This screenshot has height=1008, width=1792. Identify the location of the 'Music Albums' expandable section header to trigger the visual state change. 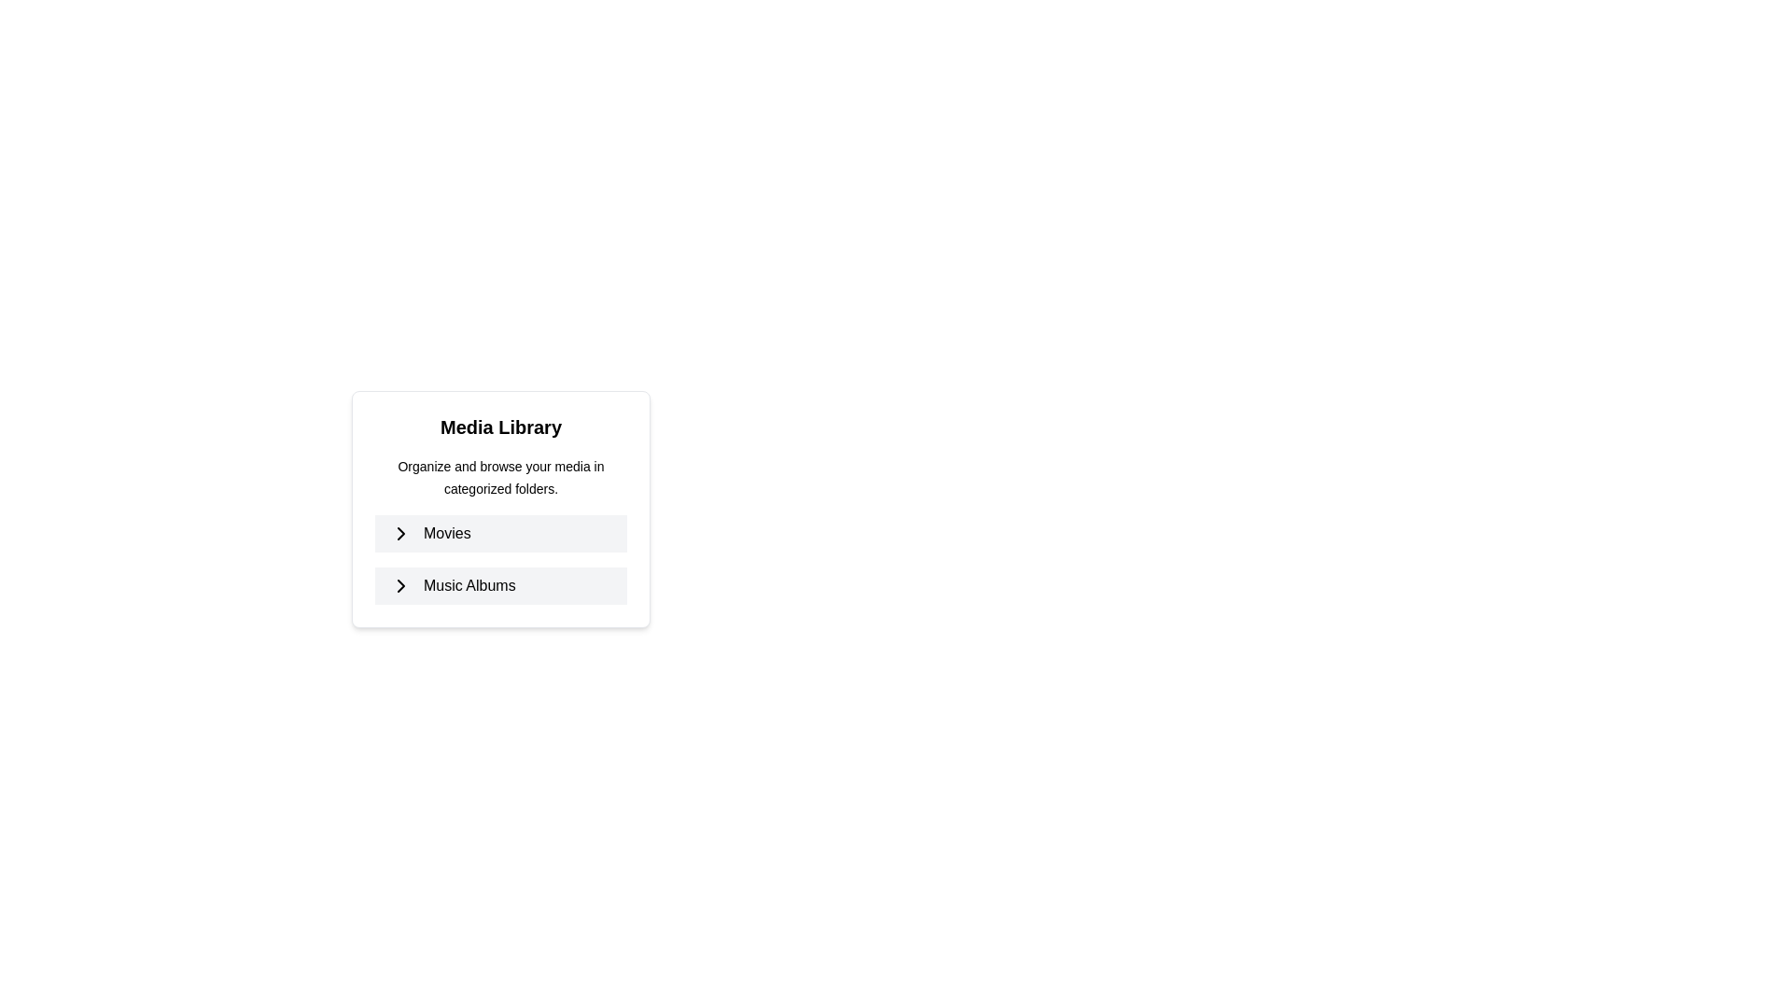
(501, 585).